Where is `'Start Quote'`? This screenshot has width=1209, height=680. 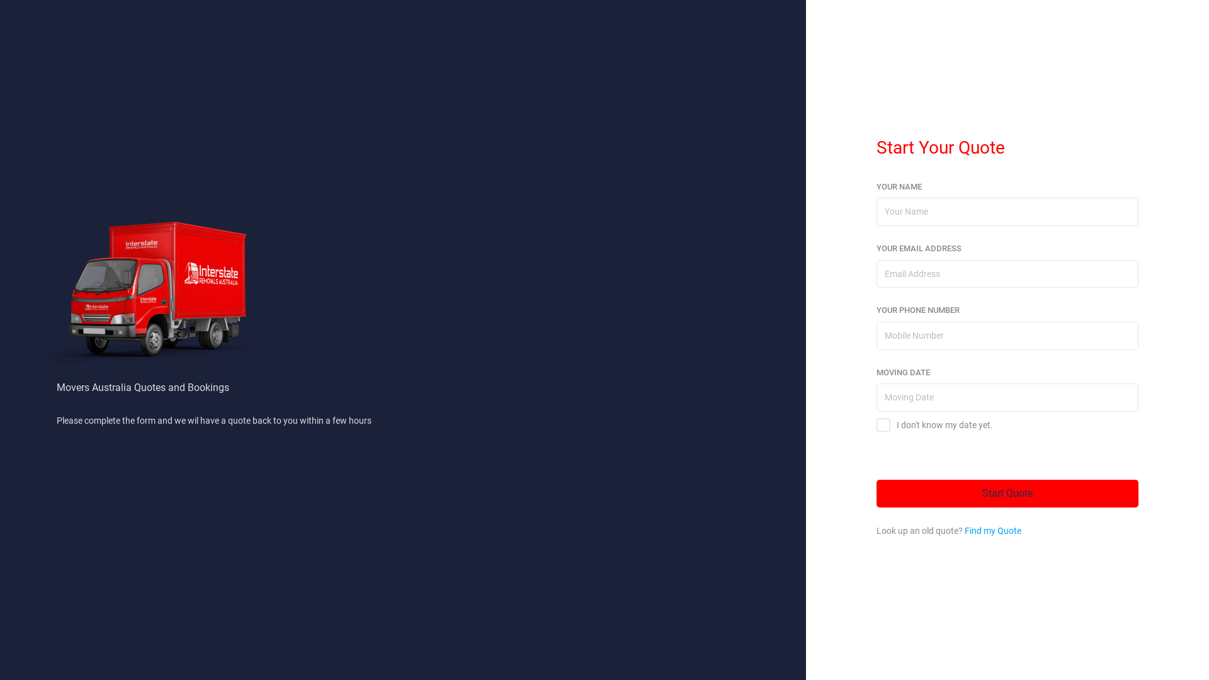
'Start Quote' is located at coordinates (1007, 492).